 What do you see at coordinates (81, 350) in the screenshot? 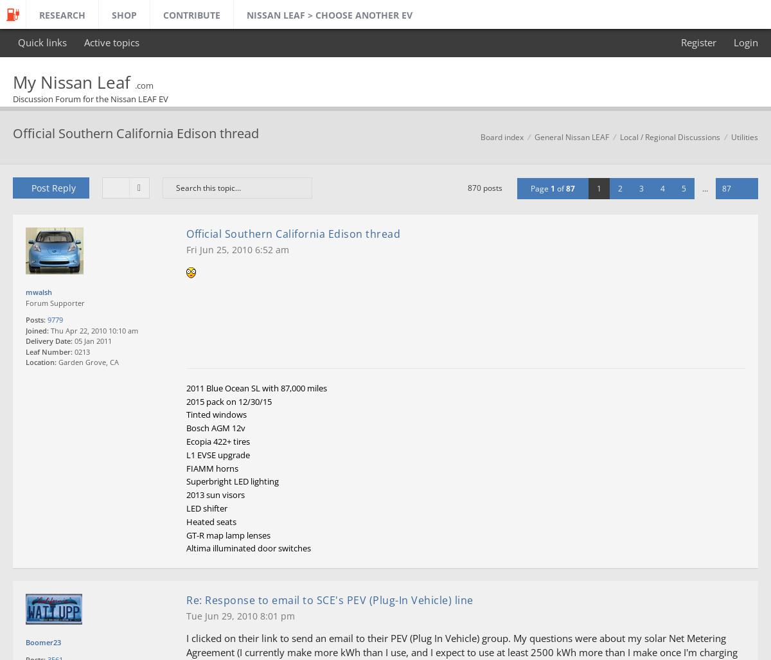
I see `'0213'` at bounding box center [81, 350].